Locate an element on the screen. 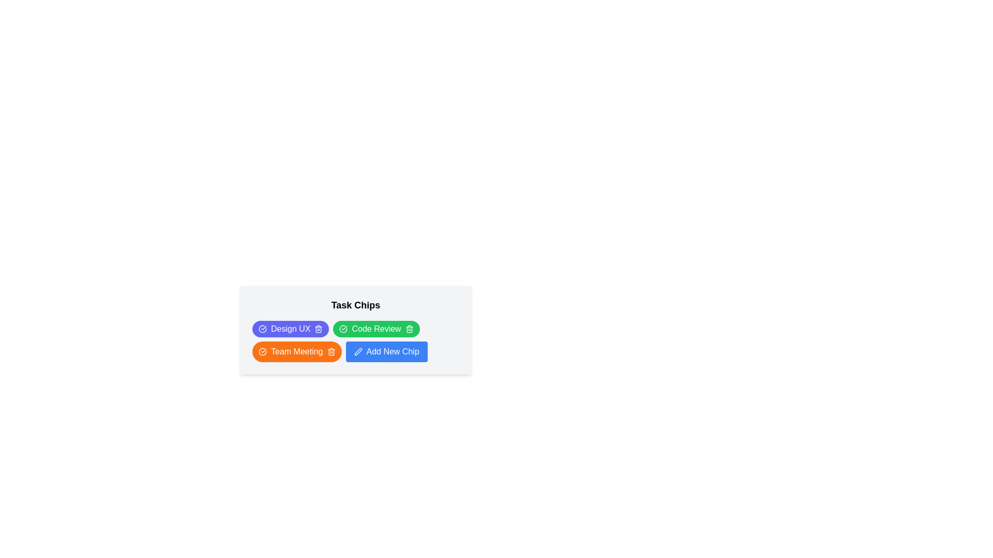 The height and width of the screenshot is (558, 993). the 'Code Review' text label which is styled in bold white font and embedded within a green pill-shaped background, located in the task chips section as the second tag in the top row is located at coordinates (376, 329).